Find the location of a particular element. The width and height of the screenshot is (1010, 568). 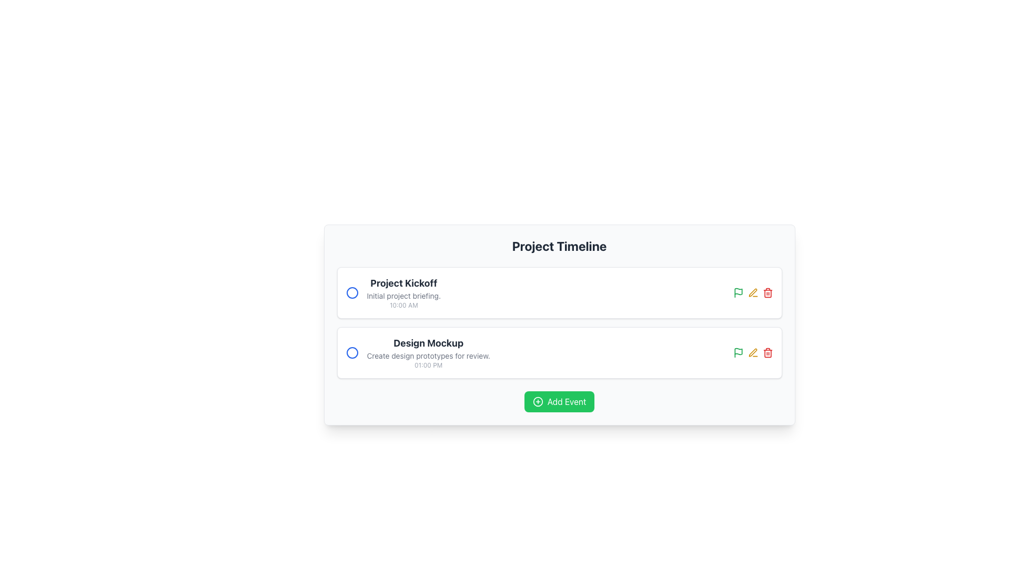

text content of the text label that reads 'Design Mockup', styled with a bold and large font size, located in the center area of a timeline event card below 'Project Kickoff' is located at coordinates (428, 343).